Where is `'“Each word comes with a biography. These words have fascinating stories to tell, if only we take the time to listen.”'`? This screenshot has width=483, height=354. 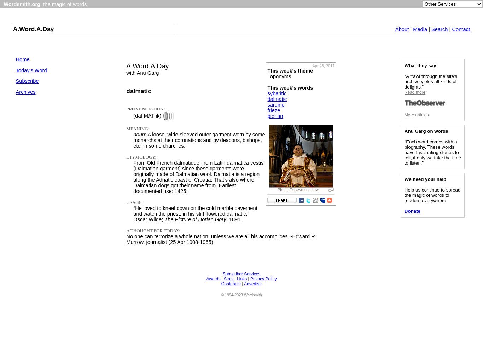
'“Each word comes with a biography. These words have fascinating stories to tell, if only we take the time to listen.”' is located at coordinates (432, 152).